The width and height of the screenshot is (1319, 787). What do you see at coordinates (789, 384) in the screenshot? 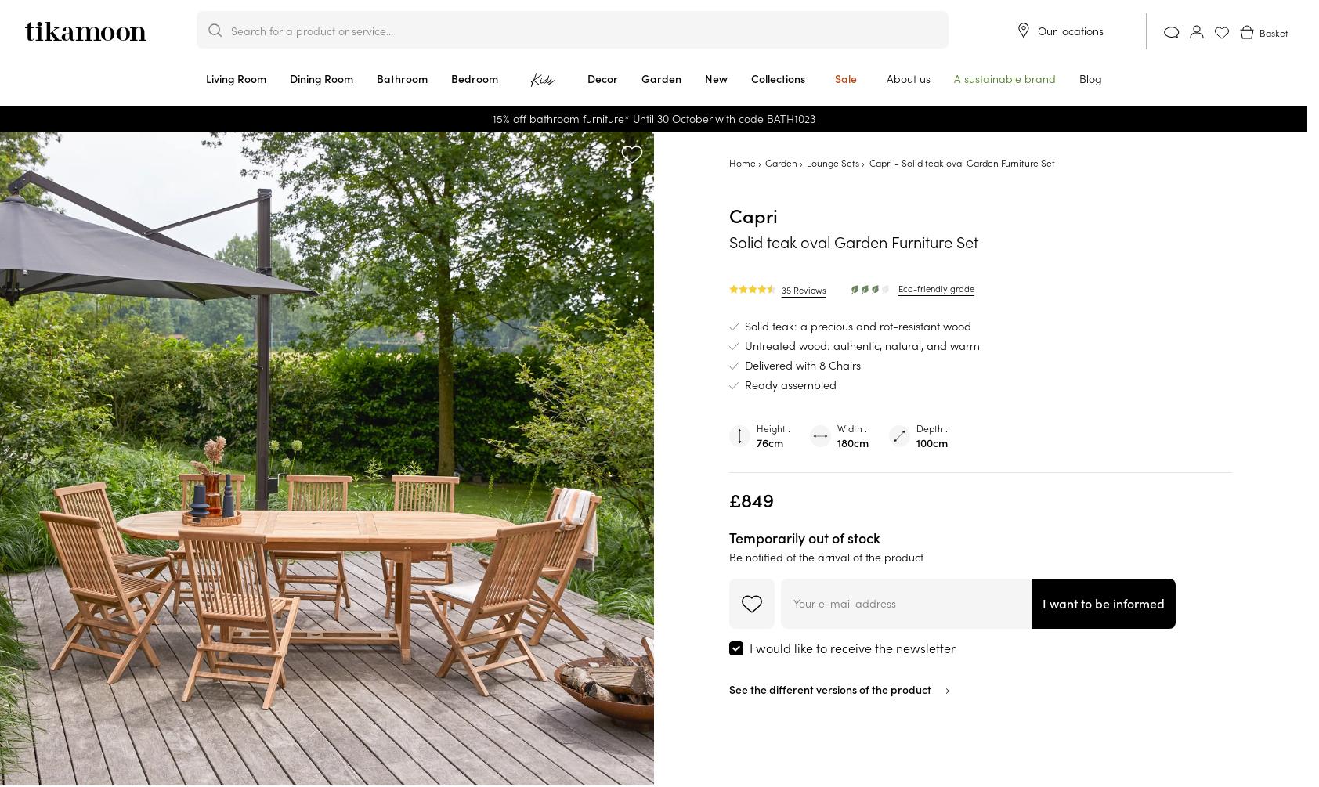
I see `'Ready assembled'` at bounding box center [789, 384].